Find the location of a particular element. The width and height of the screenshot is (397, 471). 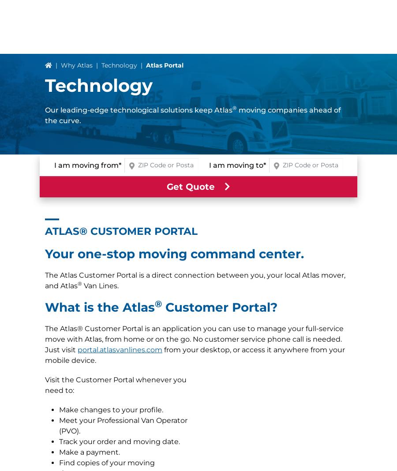

'International Moves' is located at coordinates (86, 418).